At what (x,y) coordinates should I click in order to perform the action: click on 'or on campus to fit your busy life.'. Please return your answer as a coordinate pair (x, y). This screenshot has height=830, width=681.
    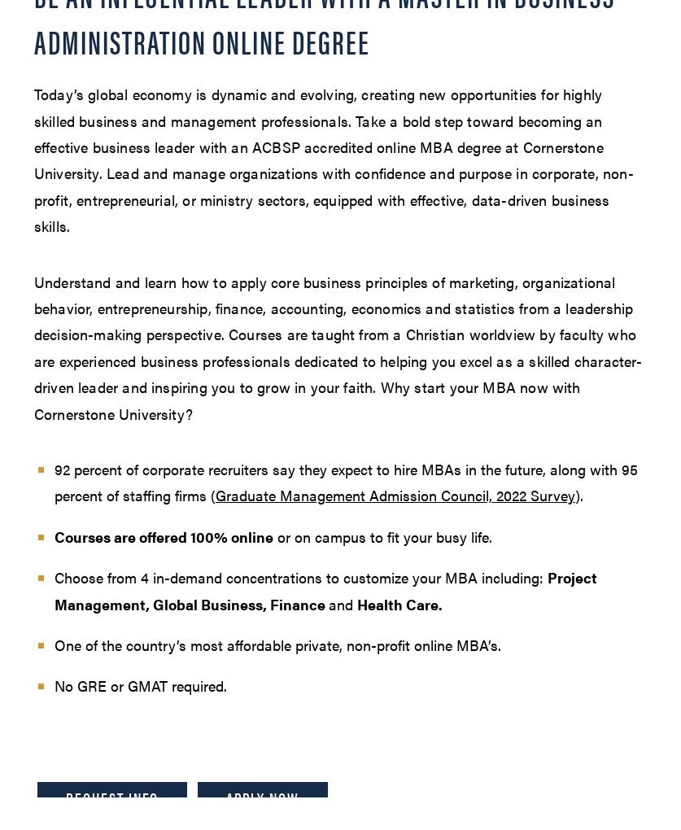
    Looking at the image, I should click on (272, 535).